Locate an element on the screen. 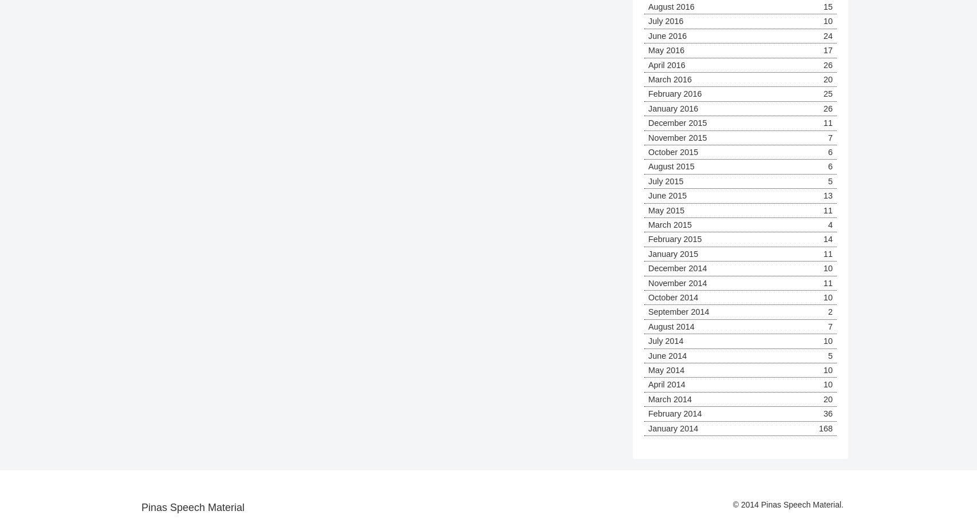 This screenshot has height=519, width=977. '2' is located at coordinates (829, 312).